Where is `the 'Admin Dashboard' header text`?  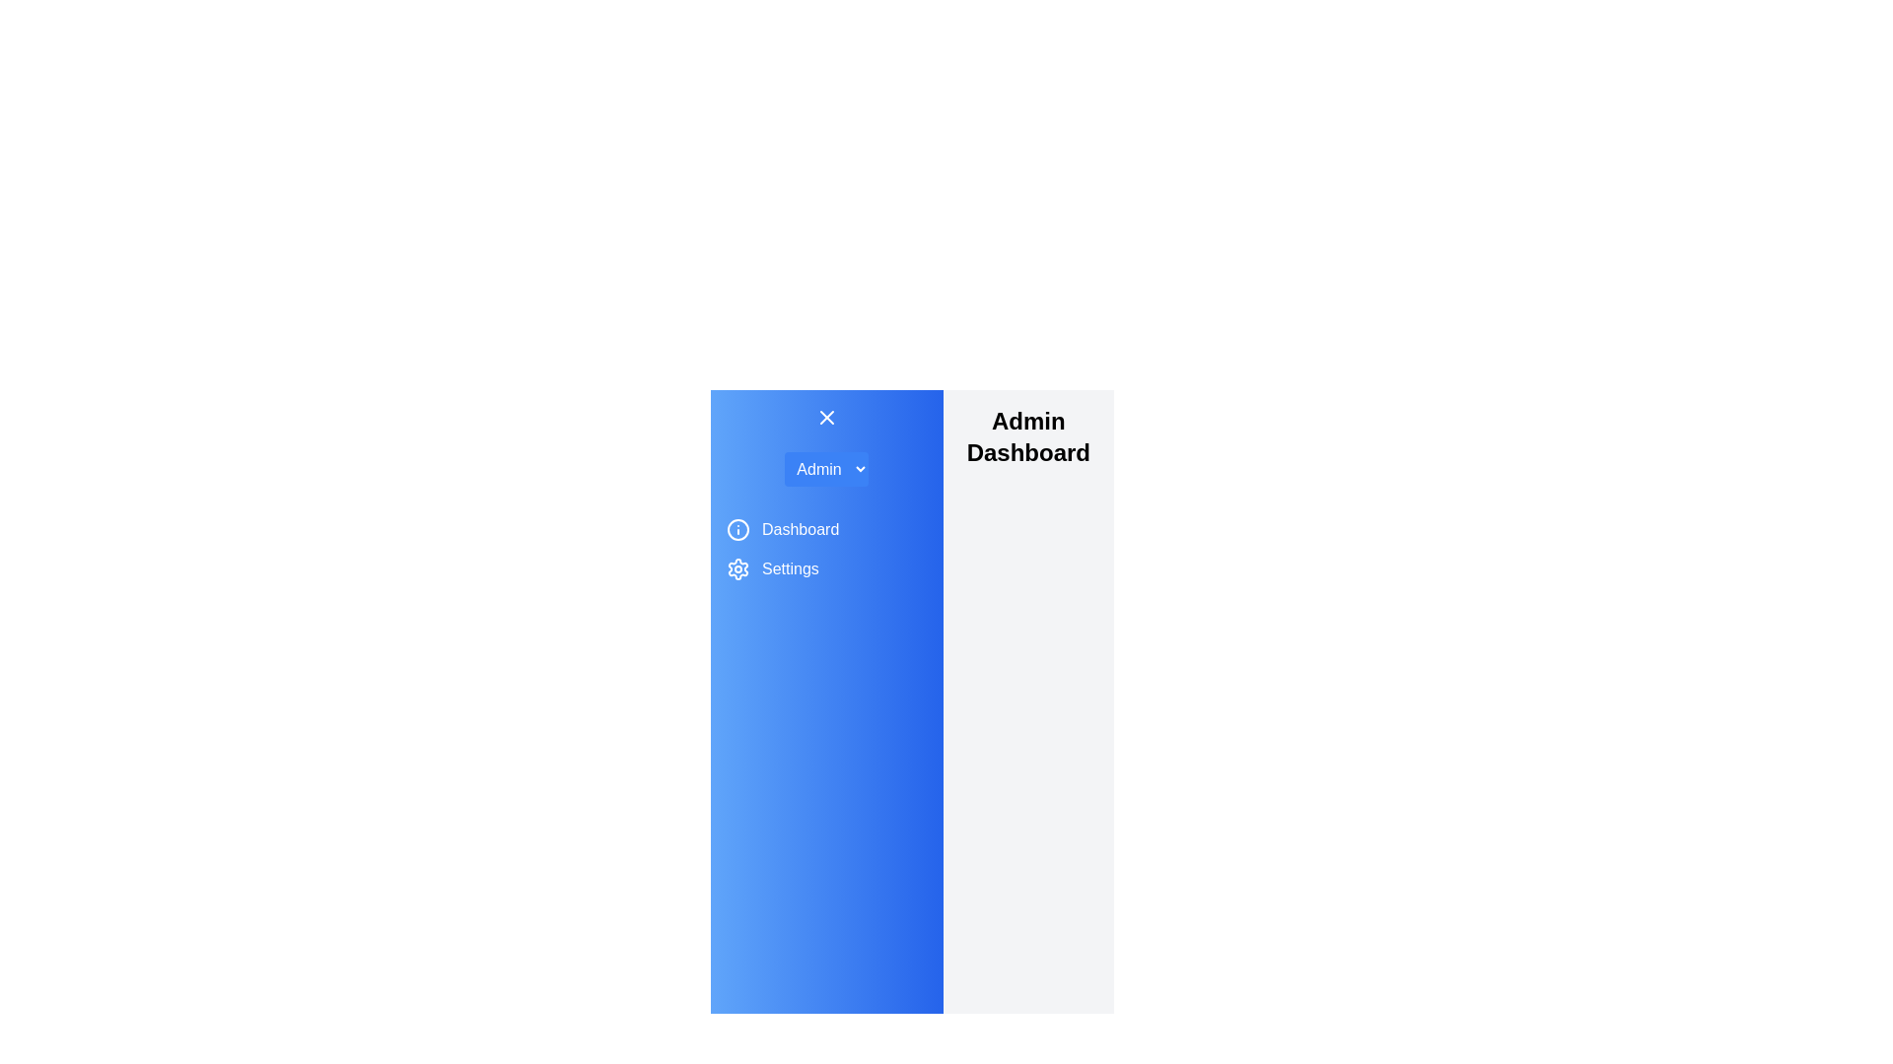 the 'Admin Dashboard' header text is located at coordinates (1026, 435).